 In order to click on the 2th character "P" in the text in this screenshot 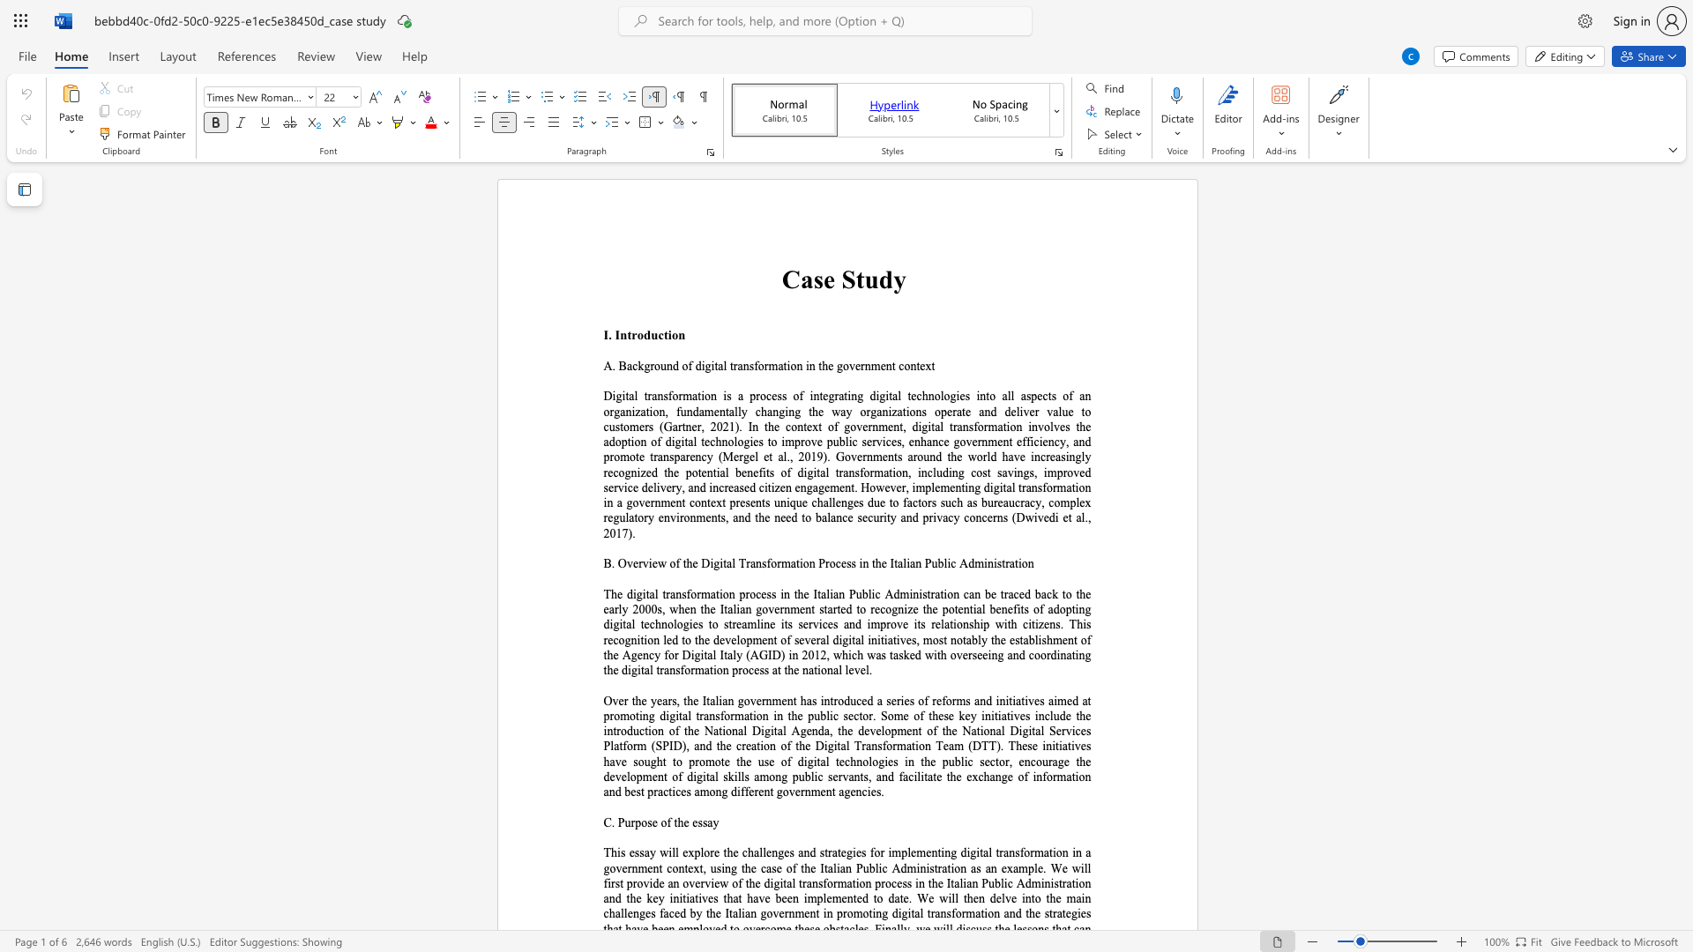, I will do `click(927, 563)`.